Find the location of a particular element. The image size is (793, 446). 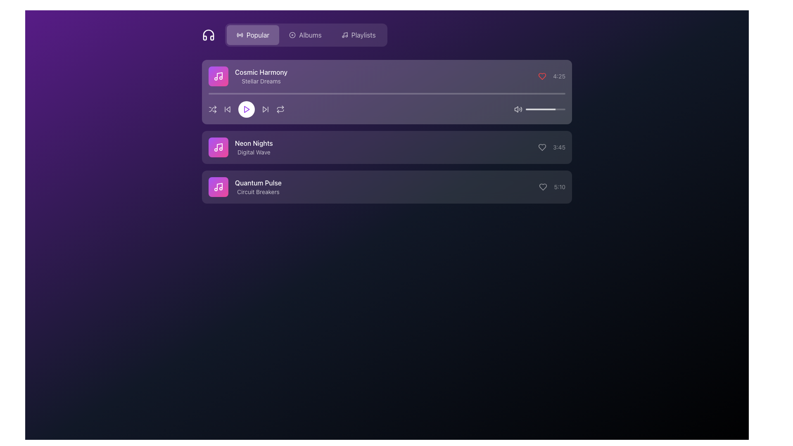

the triangular icon resembling a fast-forward indicator in the audio player controls is located at coordinates (265, 109).